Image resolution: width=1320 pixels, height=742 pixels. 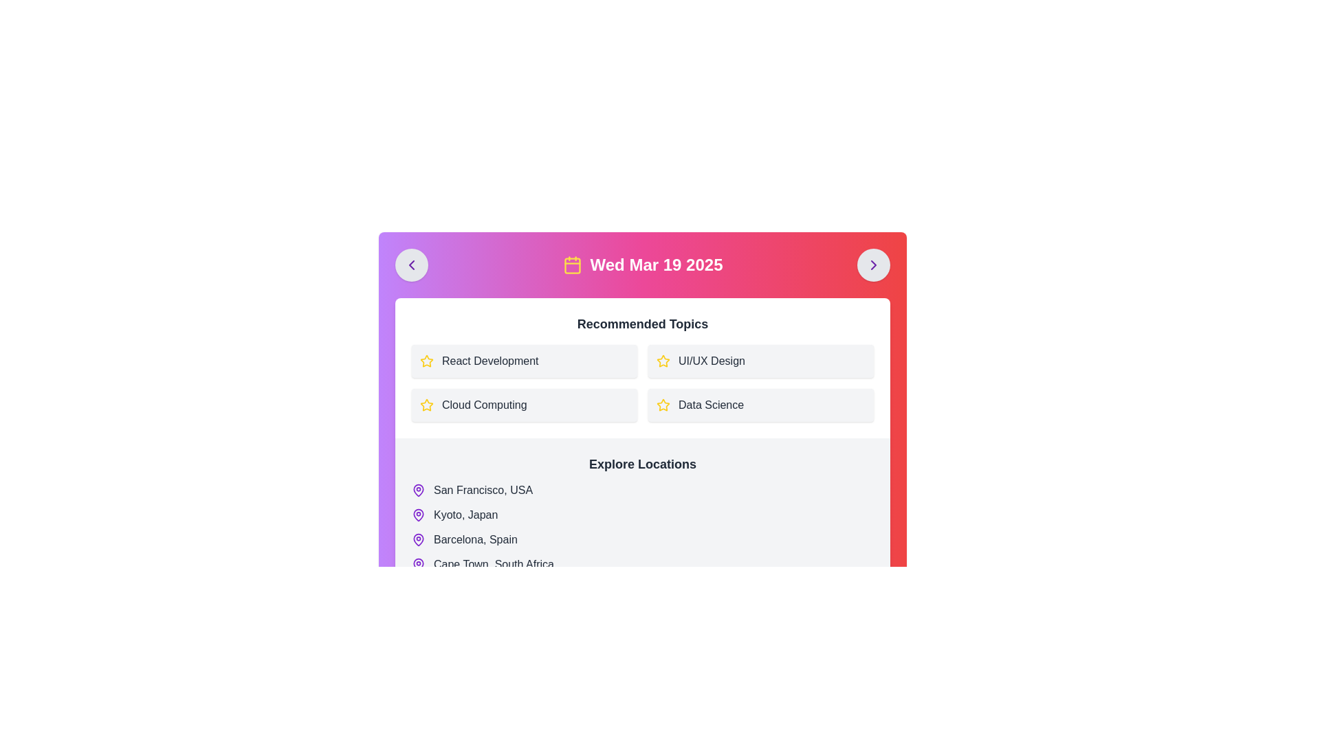 I want to click on the text display element that shows the current or selected date, centrally positioned in the header section of the interface, so click(x=656, y=265).